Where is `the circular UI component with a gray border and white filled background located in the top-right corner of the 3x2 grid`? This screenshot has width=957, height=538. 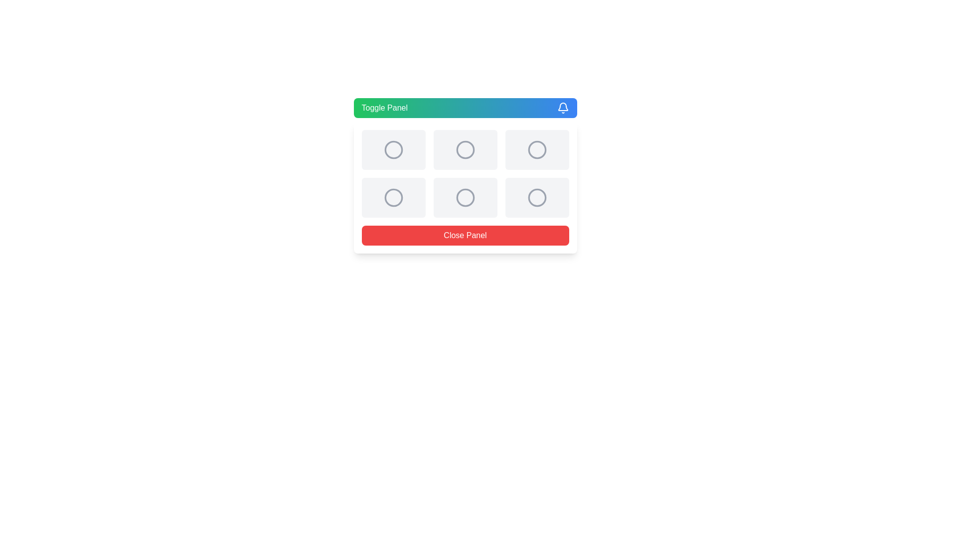
the circular UI component with a gray border and white filled background located in the top-right corner of the 3x2 grid is located at coordinates (536, 149).